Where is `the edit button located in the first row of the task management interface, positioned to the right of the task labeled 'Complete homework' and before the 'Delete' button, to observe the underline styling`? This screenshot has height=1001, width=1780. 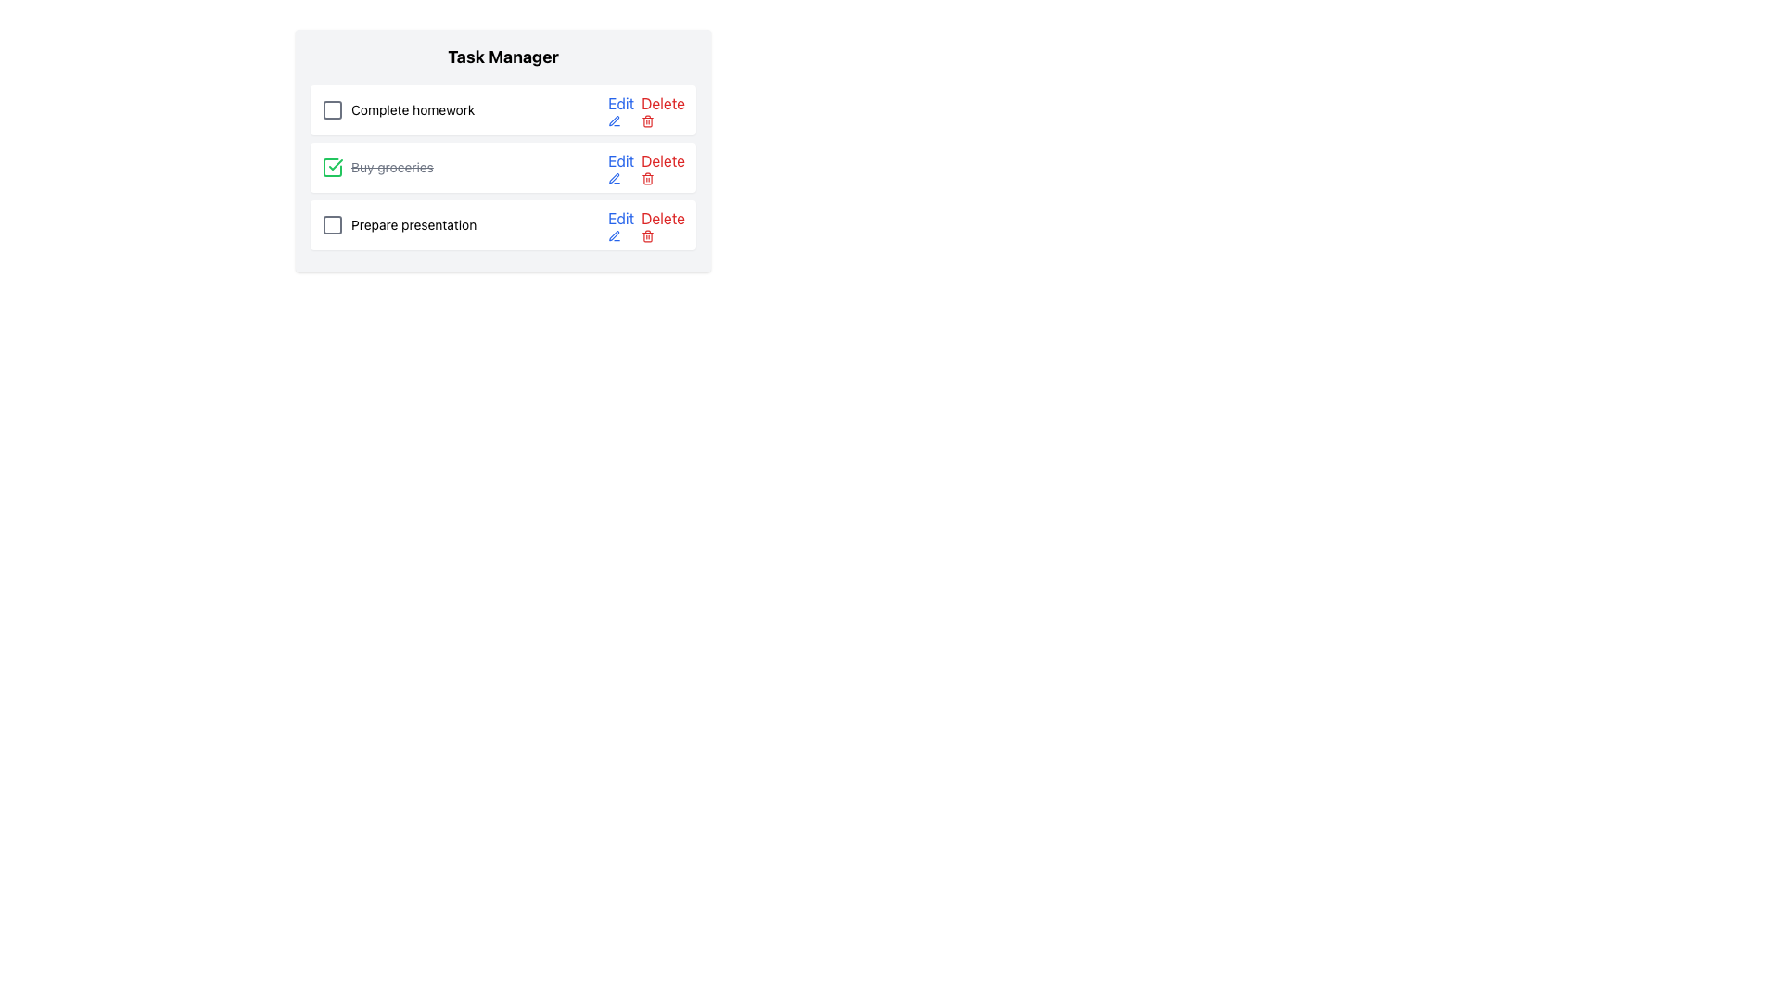 the edit button located in the first row of the task management interface, positioned to the right of the task labeled 'Complete homework' and before the 'Delete' button, to observe the underline styling is located at coordinates (621, 110).